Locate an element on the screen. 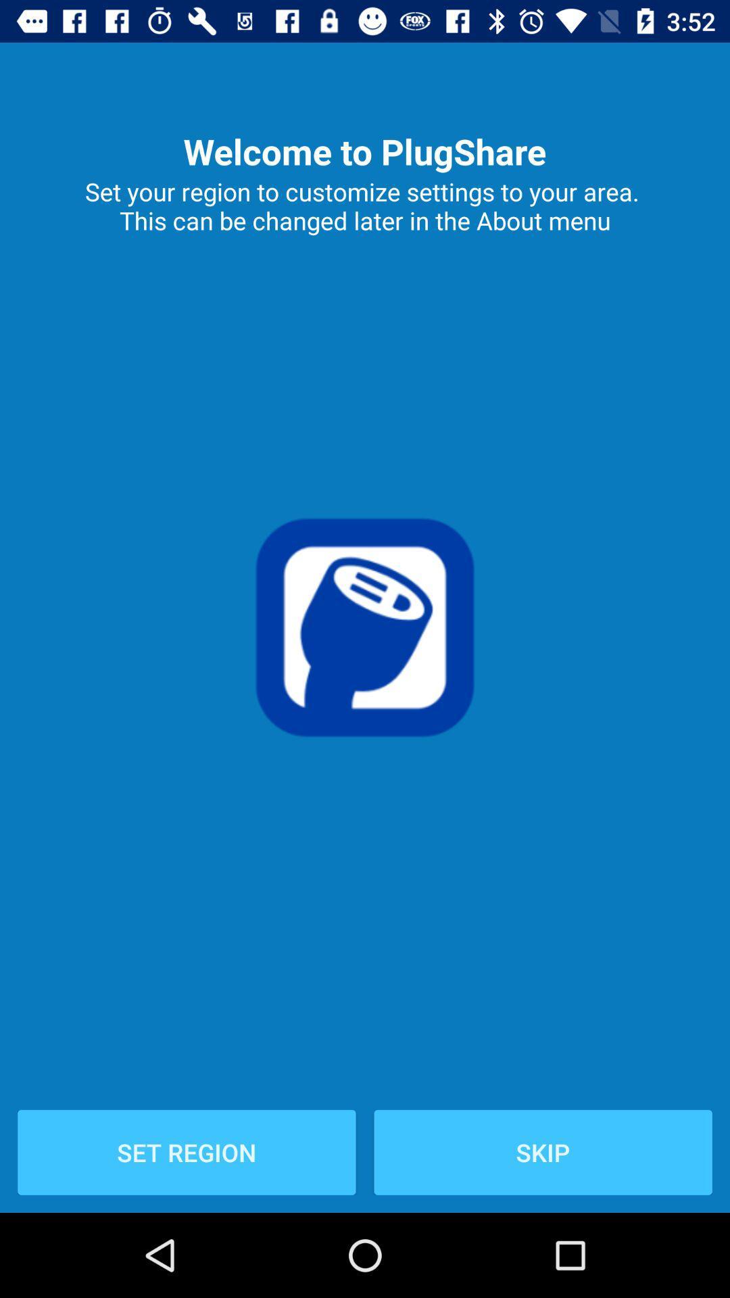 This screenshot has width=730, height=1298. the icon to the right of set region is located at coordinates (542, 1151).